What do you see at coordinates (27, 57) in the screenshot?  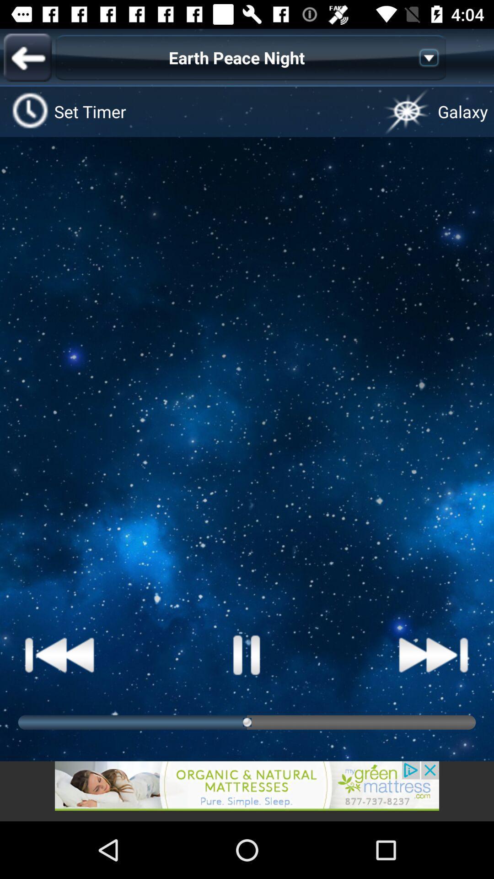 I see `previous button` at bounding box center [27, 57].